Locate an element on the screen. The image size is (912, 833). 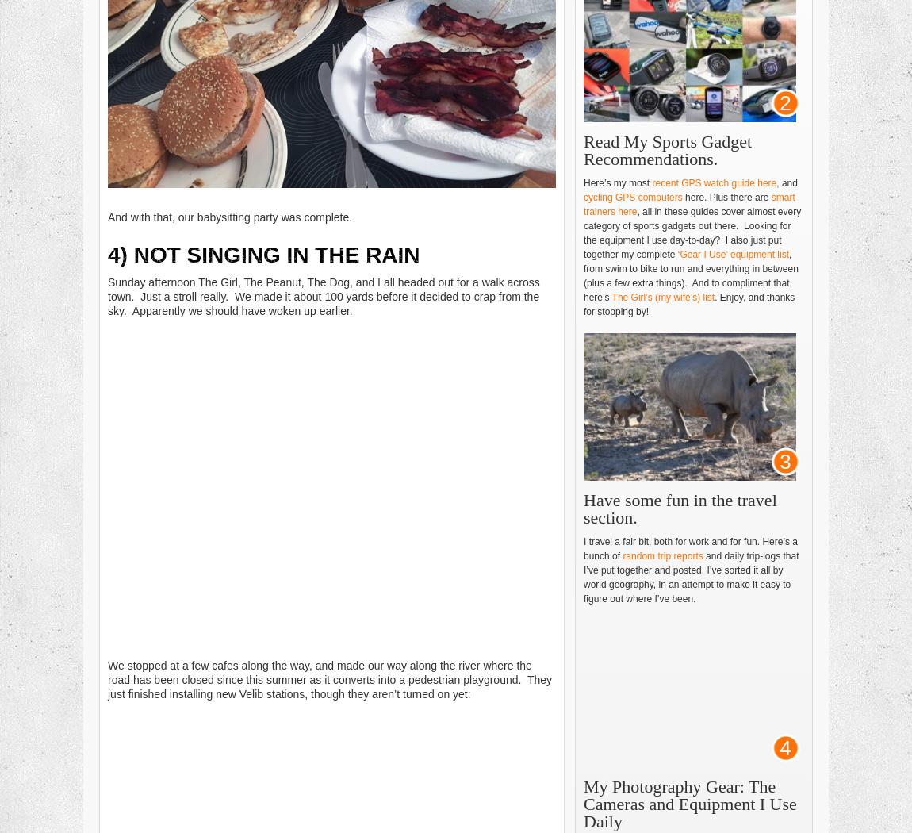
'Sunday afternoon The Girl, The Peanut, The Dog, and I all headed out for a walk across town.  Just a stroll really.  We made it about 100 yards before it decided to crap from the sky.  Apparently we should have woken up earlier.' is located at coordinates (324, 294).